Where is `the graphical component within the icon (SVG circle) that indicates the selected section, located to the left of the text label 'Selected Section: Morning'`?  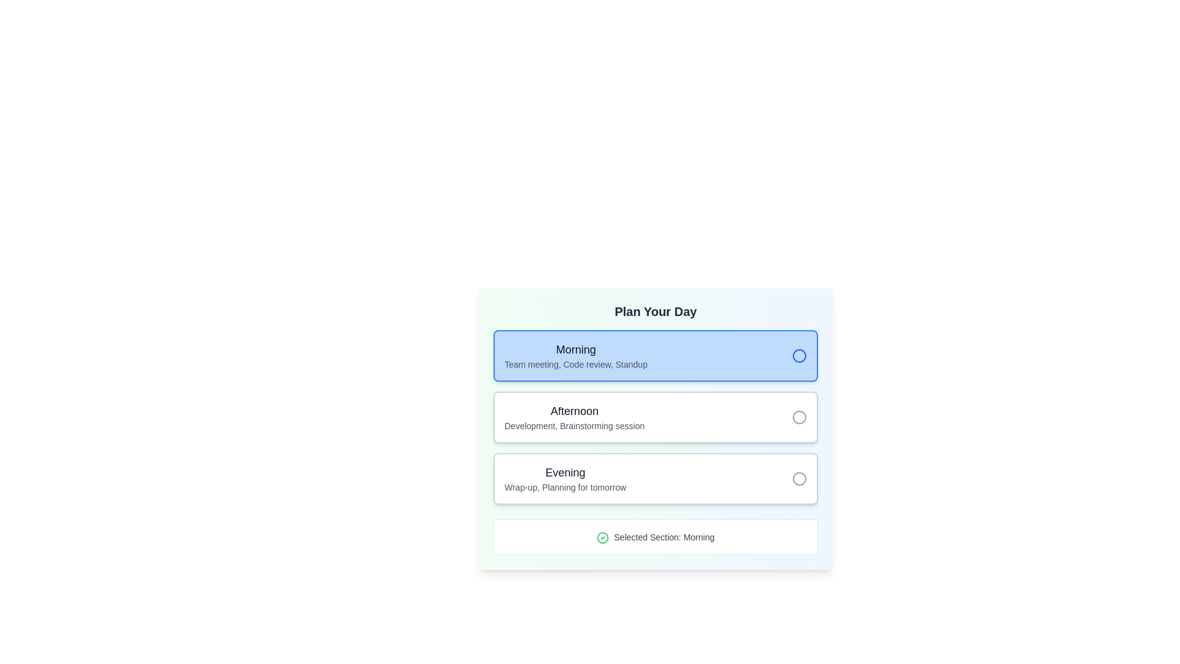
the graphical component within the icon (SVG circle) that indicates the selected section, located to the left of the text label 'Selected Section: Morning' is located at coordinates (603, 537).